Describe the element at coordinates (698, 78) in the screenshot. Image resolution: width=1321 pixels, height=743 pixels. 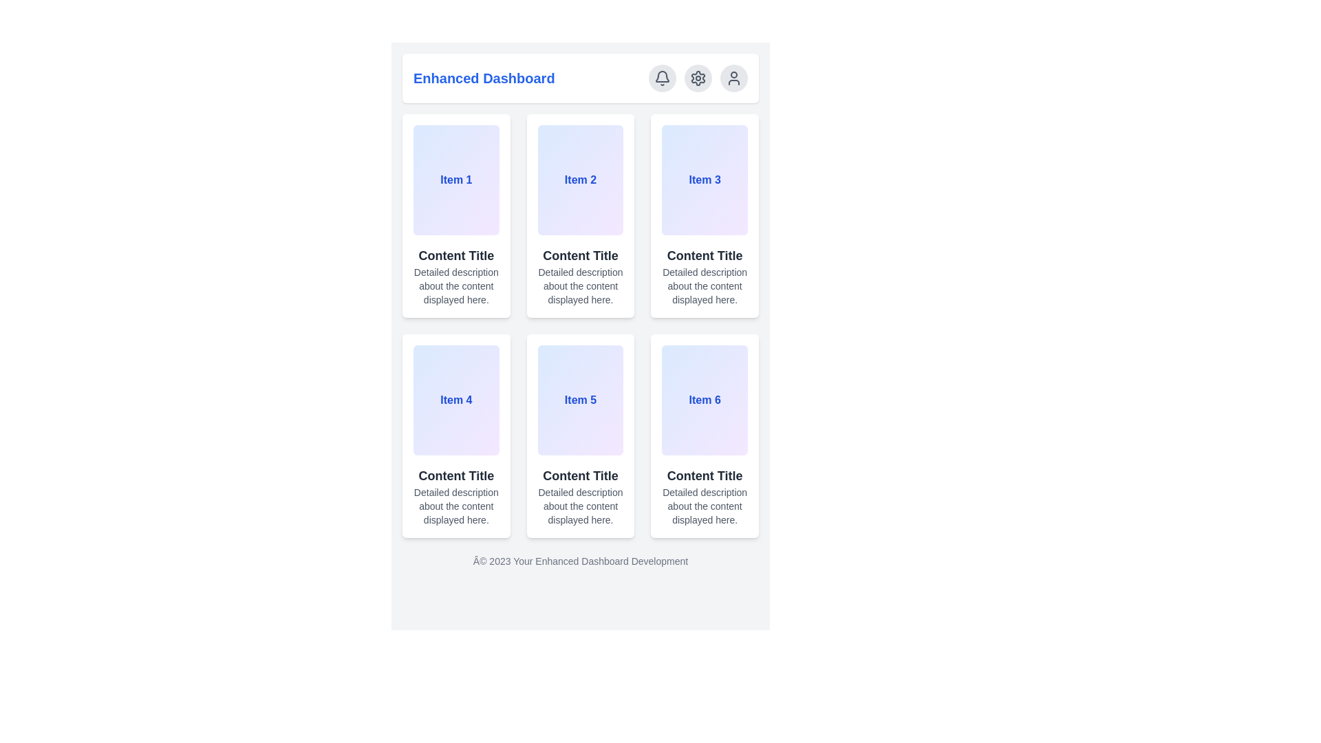
I see `the circular button with a light gray background and gear icon, which is the second button in the header section` at that location.